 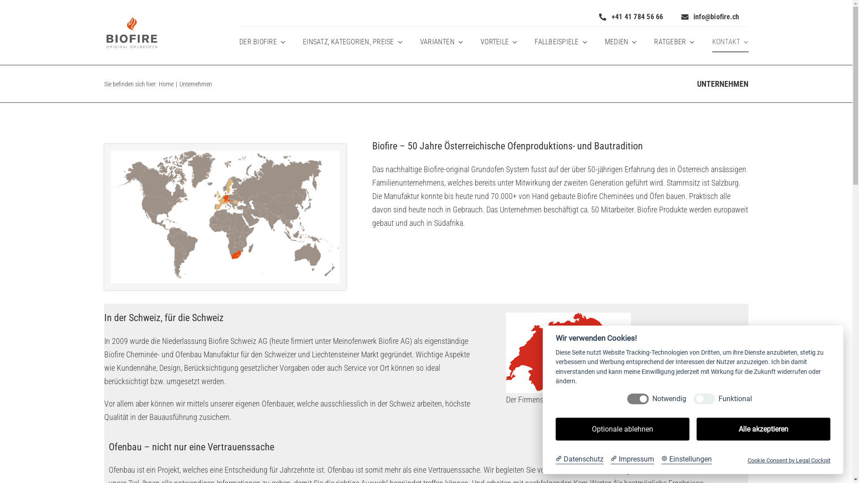 I want to click on 'VARIANTEN', so click(x=441, y=42).